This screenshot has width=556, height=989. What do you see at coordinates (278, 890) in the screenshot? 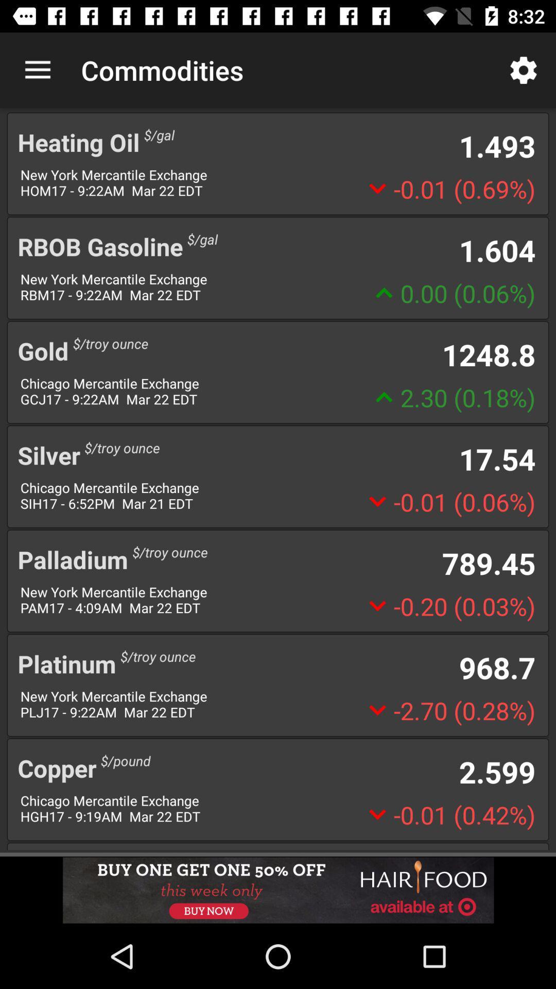
I see `advertisement from outside source` at bounding box center [278, 890].